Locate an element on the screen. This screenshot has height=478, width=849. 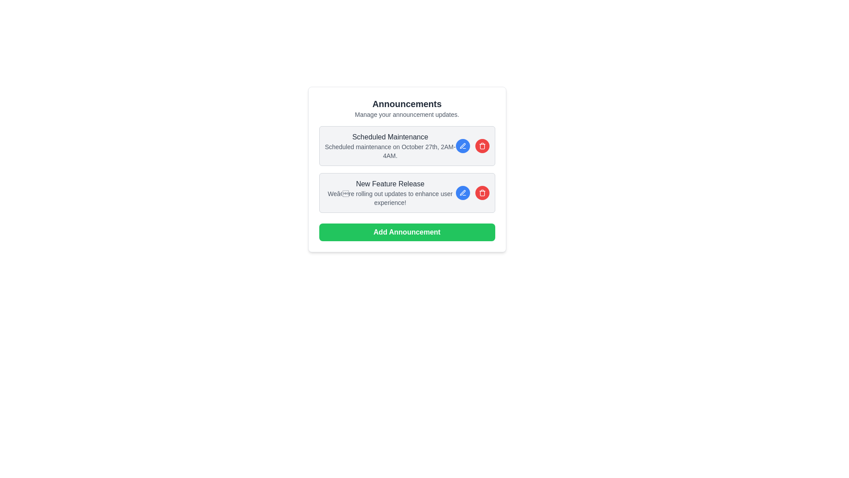
the Text Label displaying 'Scheduled maintenance on October 27th, 2AM-4AM.' which is positioned below the title 'Scheduled Maintenance' and above the announcement panel is located at coordinates (390, 151).